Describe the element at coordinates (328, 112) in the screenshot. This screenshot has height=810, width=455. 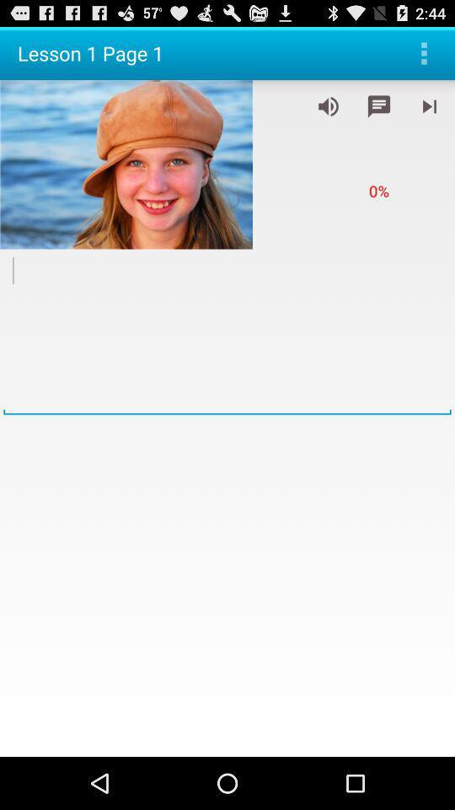
I see `the volume icon` at that location.